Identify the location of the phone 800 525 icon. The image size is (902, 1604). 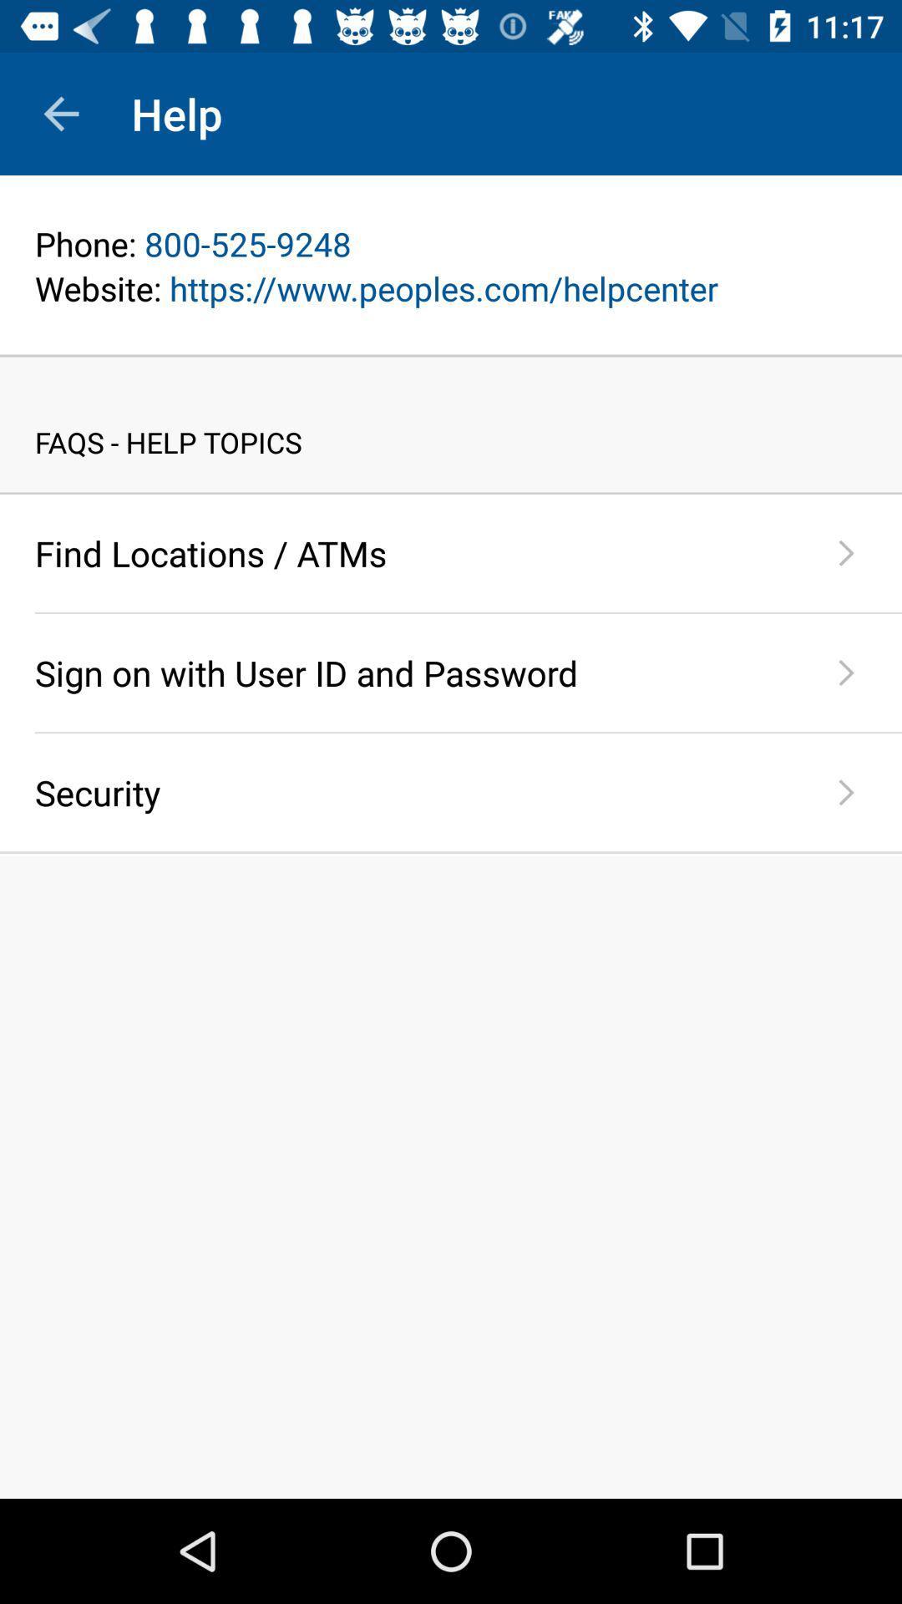
(451, 243).